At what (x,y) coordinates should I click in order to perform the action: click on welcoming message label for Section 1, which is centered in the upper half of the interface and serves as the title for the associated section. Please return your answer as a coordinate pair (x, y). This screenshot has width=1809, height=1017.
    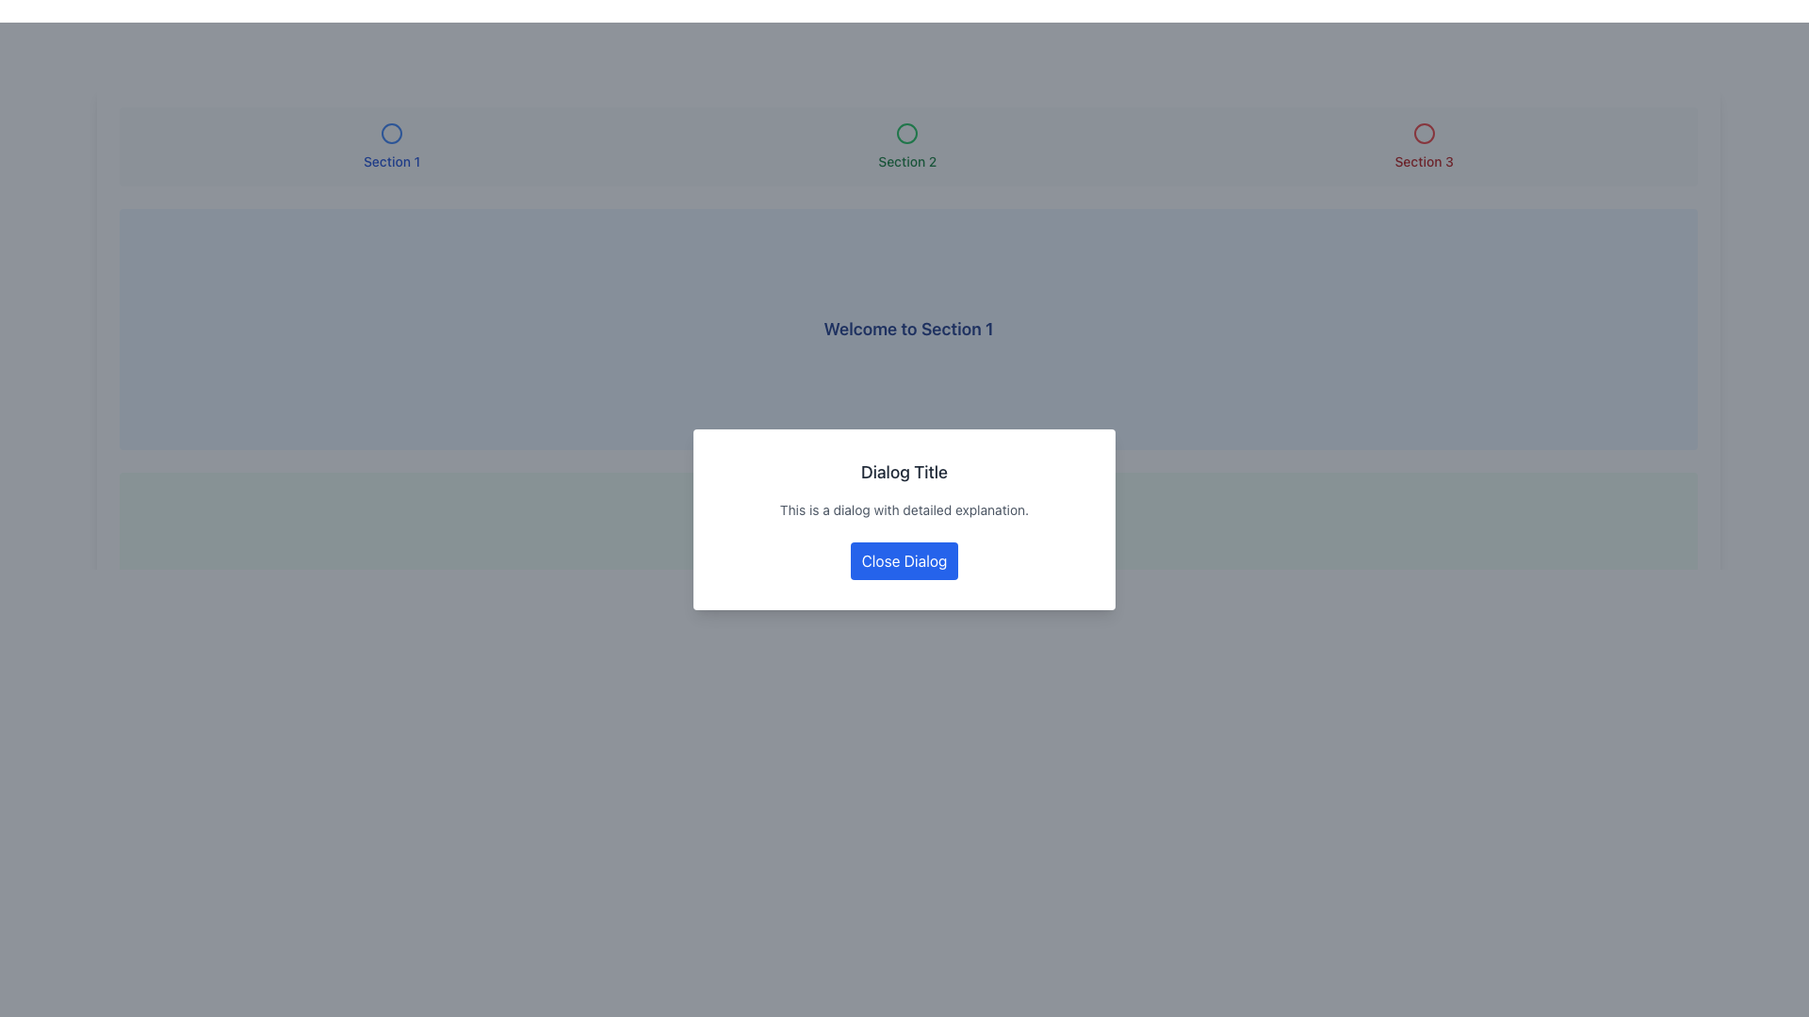
    Looking at the image, I should click on (908, 329).